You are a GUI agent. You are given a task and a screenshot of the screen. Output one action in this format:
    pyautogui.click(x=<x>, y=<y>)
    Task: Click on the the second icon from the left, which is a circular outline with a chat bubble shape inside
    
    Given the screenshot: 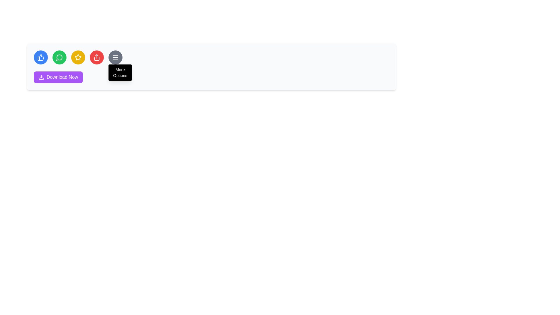 What is the action you would take?
    pyautogui.click(x=59, y=57)
    